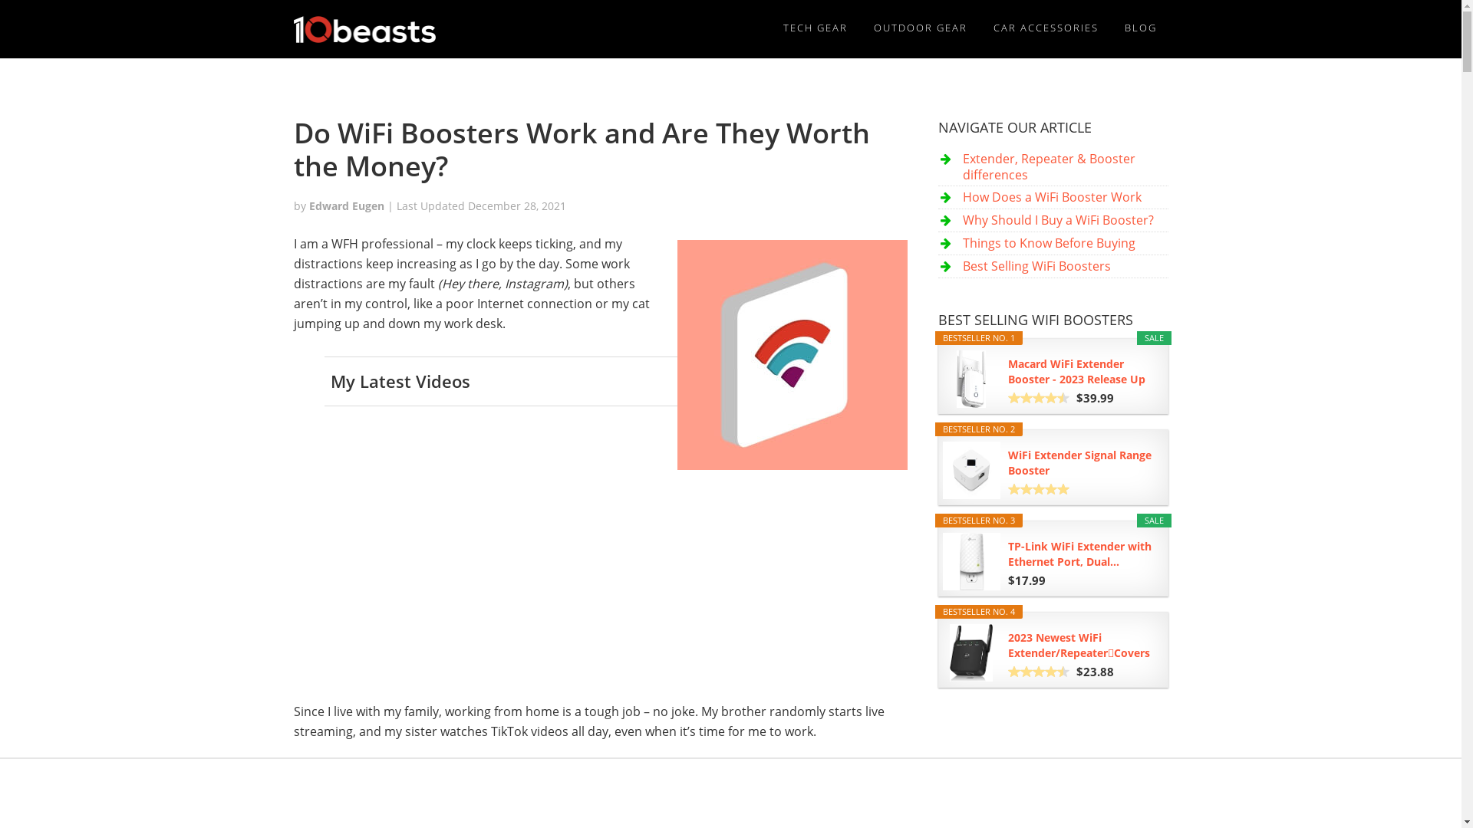  Describe the element at coordinates (1081, 462) in the screenshot. I see `'WiFi Extender Signal Range Booster'` at that location.